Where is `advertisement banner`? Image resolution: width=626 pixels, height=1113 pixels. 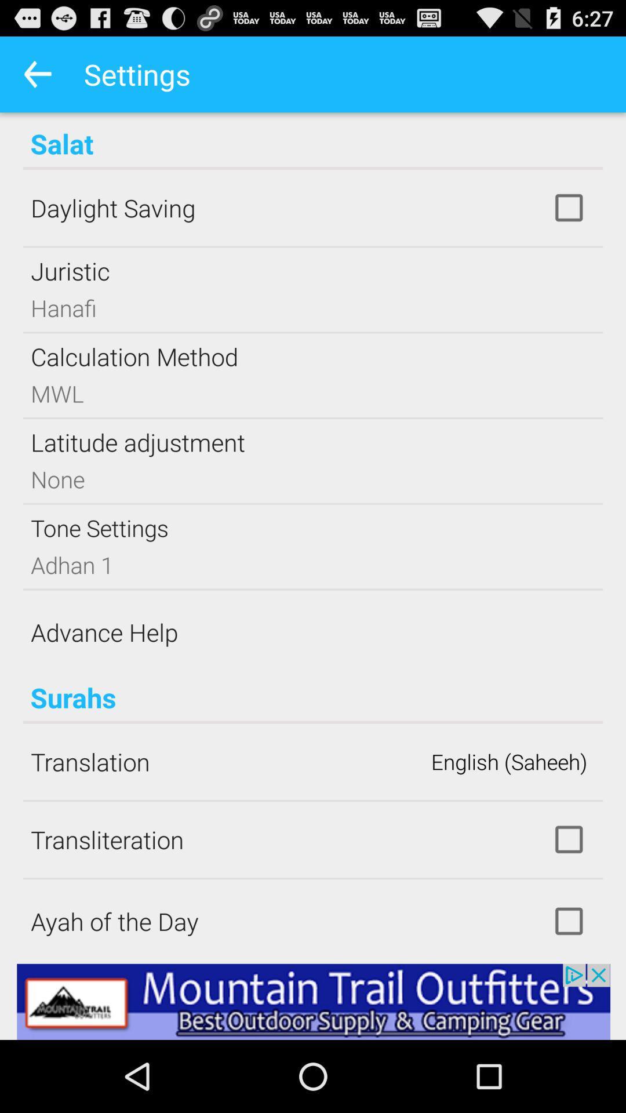 advertisement banner is located at coordinates (313, 1001).